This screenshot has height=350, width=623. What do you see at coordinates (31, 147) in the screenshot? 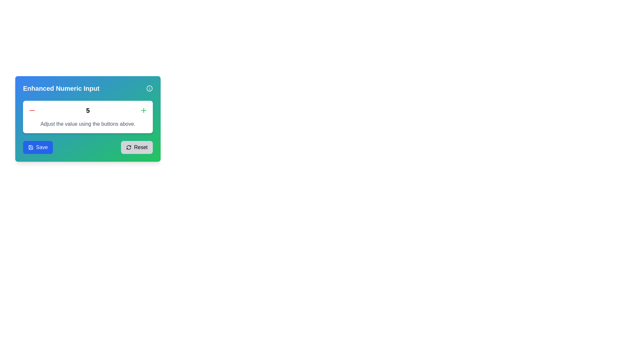
I see `the save icon located on the left side of the 'Save' button within the enhanced numeric input card at the bottom-left position` at bounding box center [31, 147].